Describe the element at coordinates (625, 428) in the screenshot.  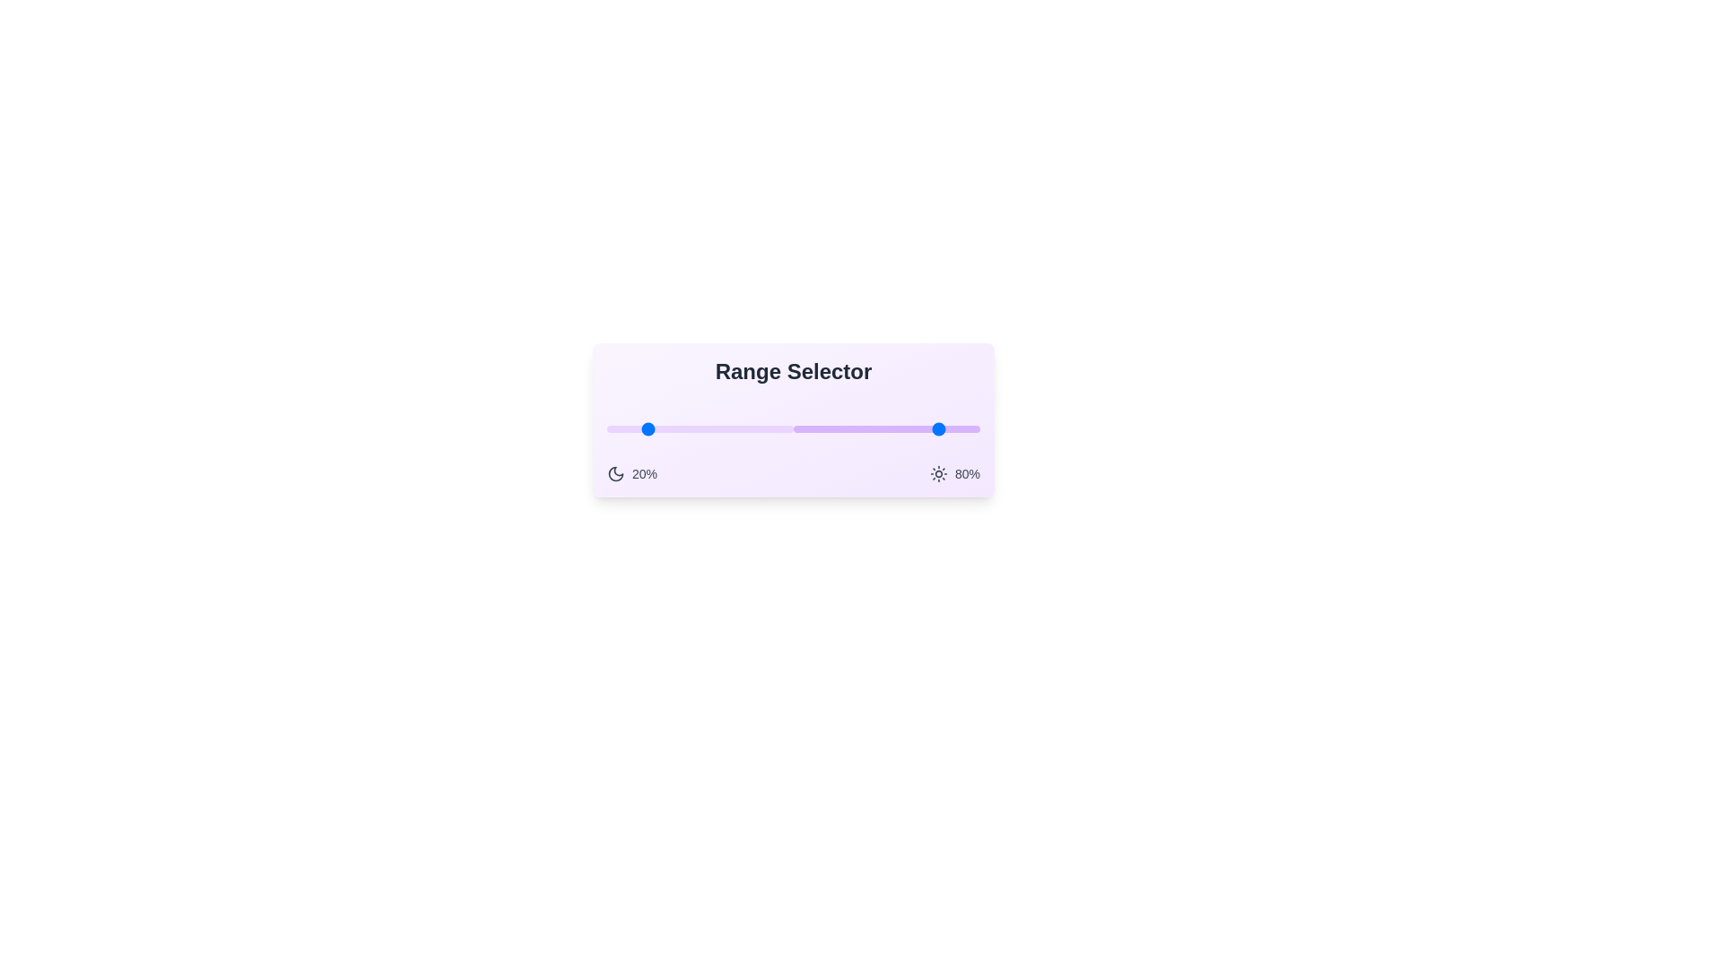
I see `the lower bound of the range to 10% by dragging the left slider` at that location.